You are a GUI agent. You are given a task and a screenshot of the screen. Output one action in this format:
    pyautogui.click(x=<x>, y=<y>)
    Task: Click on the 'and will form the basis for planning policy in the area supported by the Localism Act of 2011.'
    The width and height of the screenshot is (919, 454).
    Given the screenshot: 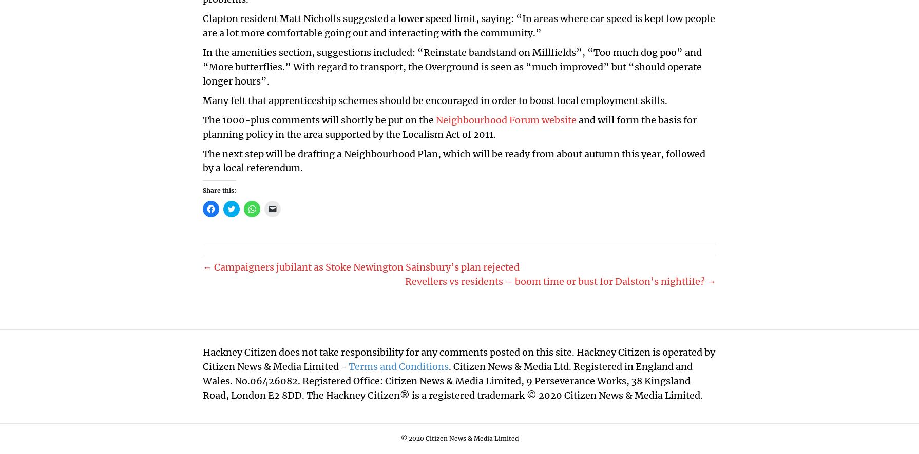 What is the action you would take?
    pyautogui.click(x=449, y=126)
    